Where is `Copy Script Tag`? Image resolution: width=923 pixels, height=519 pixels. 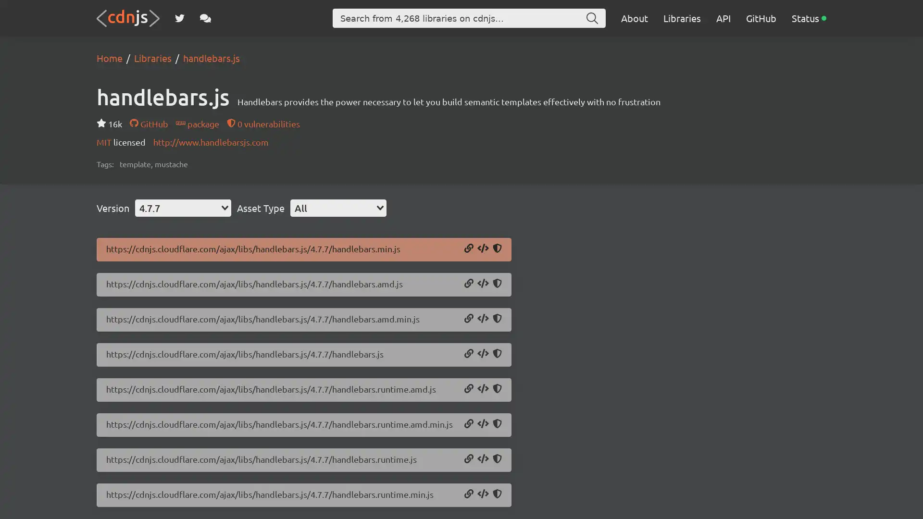
Copy Script Tag is located at coordinates (483, 248).